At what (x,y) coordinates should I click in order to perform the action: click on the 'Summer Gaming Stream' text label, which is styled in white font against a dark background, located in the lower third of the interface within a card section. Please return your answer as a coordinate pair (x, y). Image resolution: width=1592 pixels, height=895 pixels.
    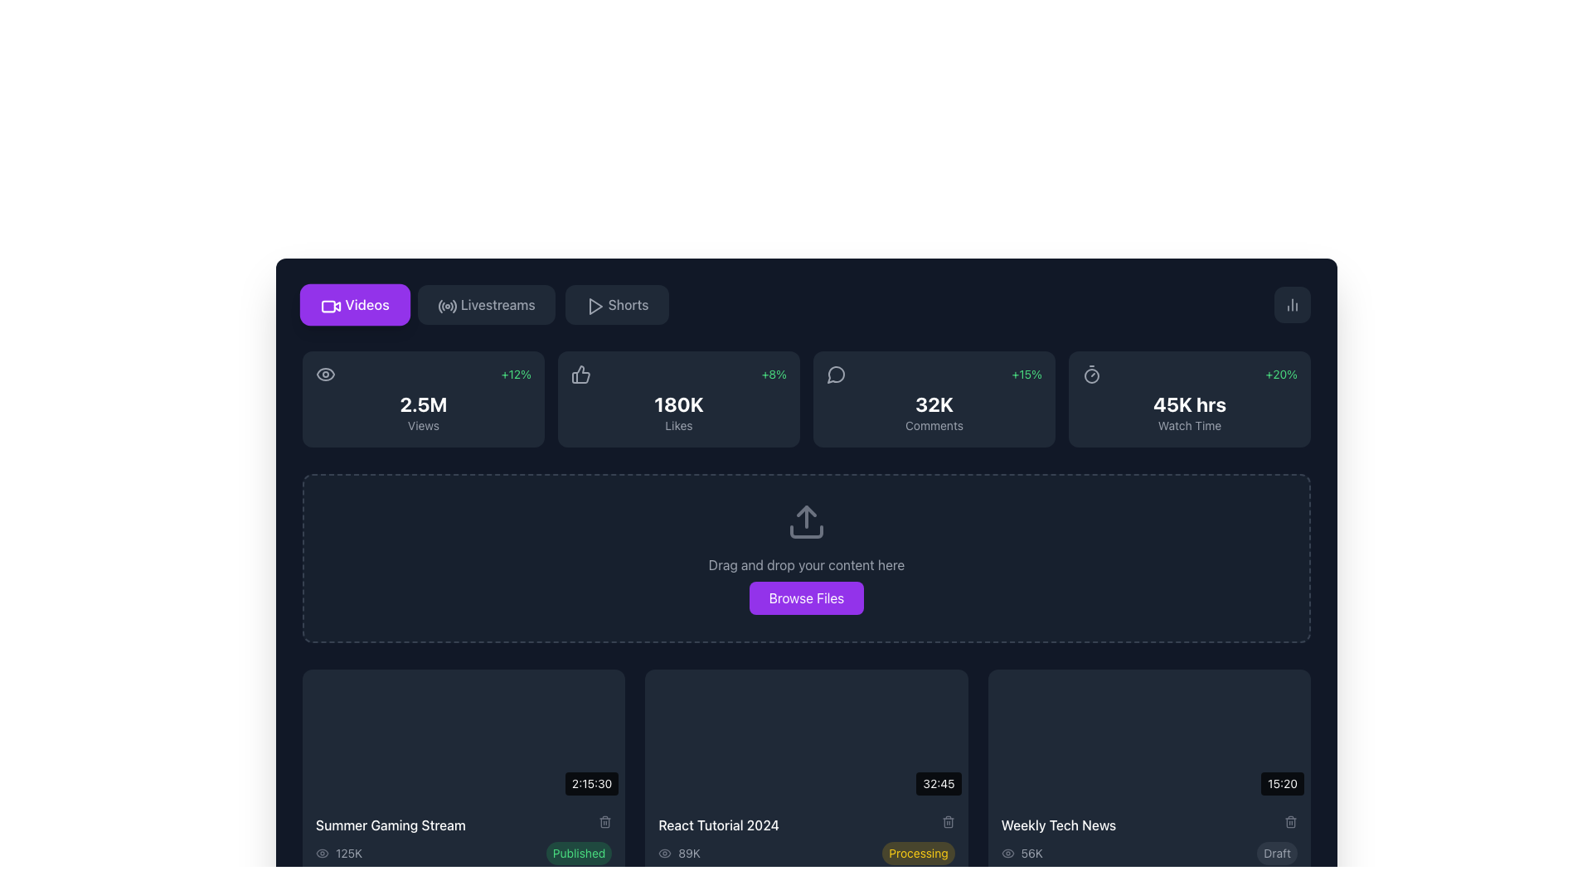
    Looking at the image, I should click on (390, 825).